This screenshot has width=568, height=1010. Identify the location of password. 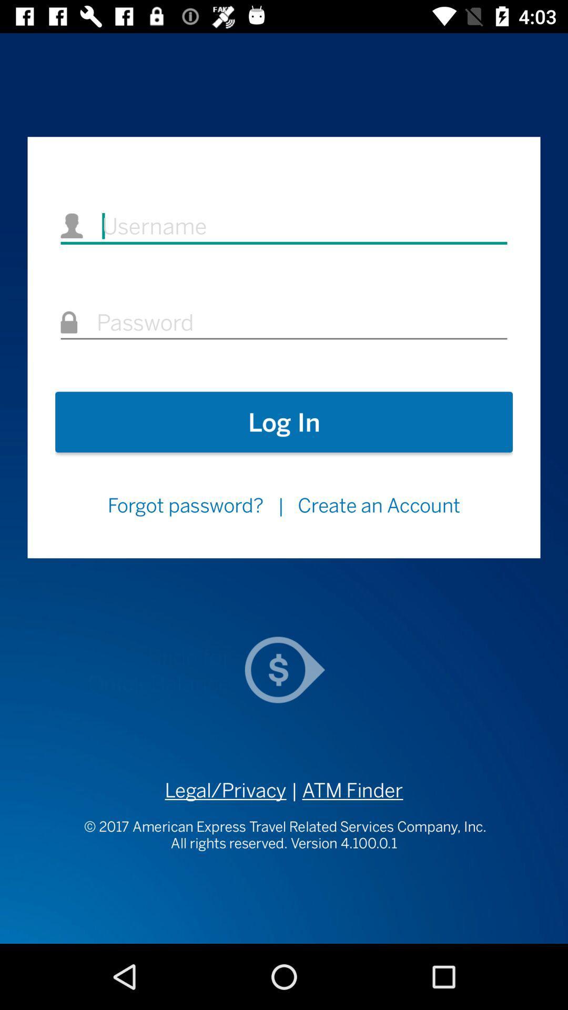
(284, 322).